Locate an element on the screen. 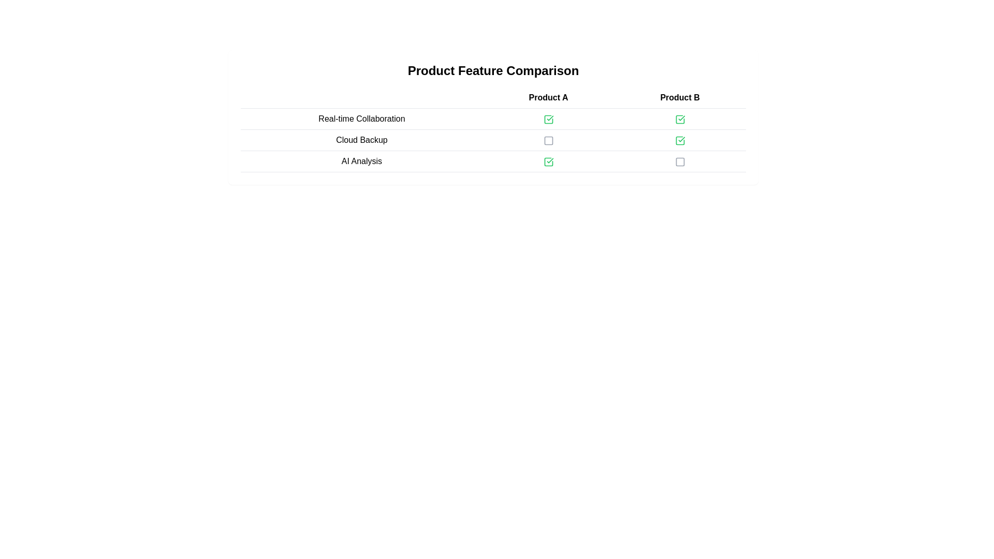 This screenshot has width=994, height=559. the green check mark icon in the 'Product B' column under the 'Real-time Collaboration' row within the 'Product Feature Comparison' section is located at coordinates (680, 119).